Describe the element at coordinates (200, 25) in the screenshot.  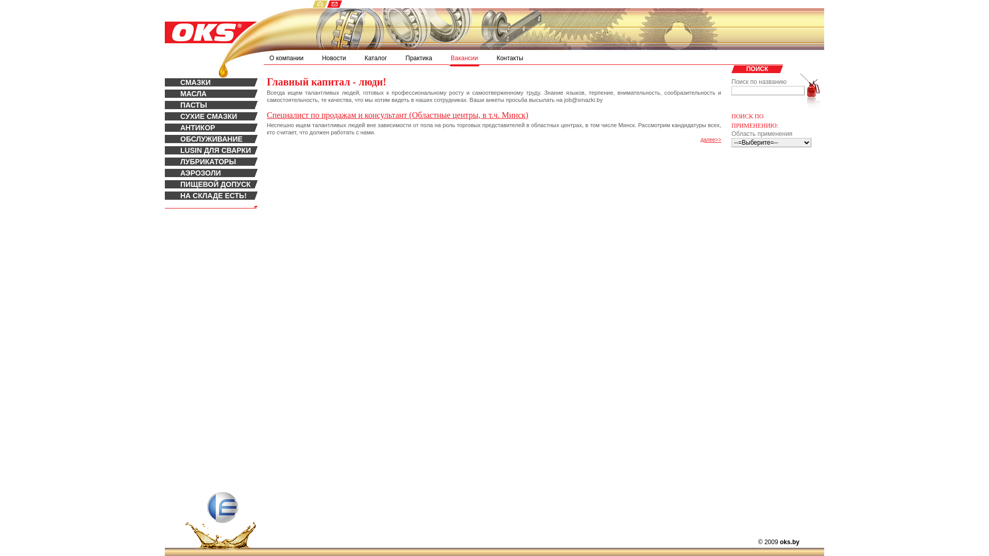
I see `'OKS'` at that location.